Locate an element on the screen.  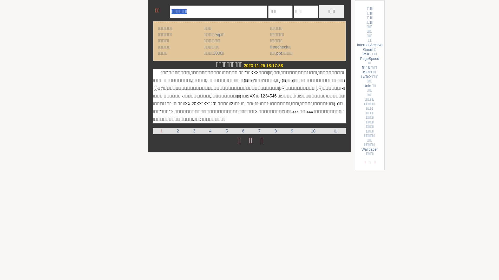
'2' is located at coordinates (178, 131).